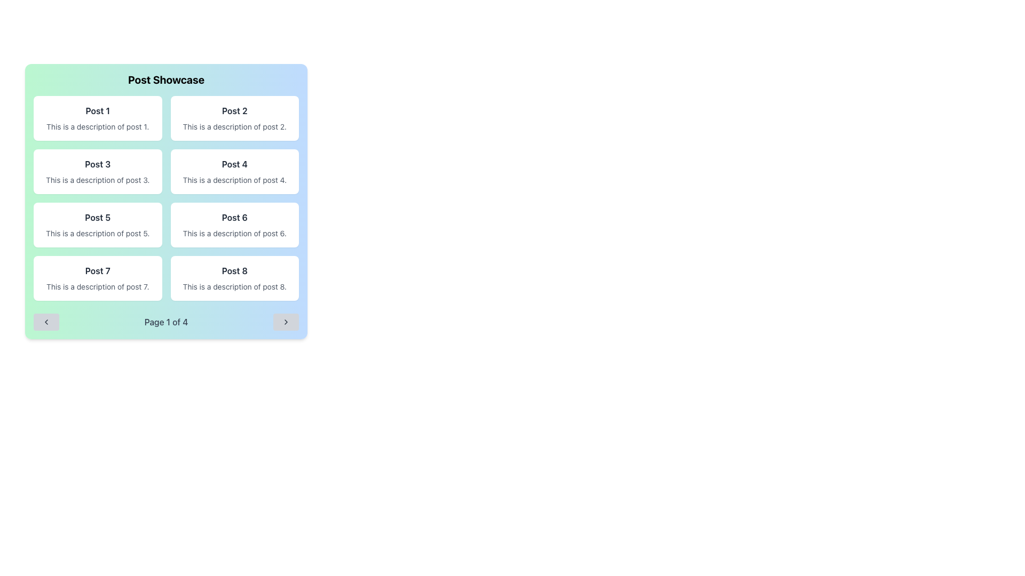 Image resolution: width=1025 pixels, height=576 pixels. What do you see at coordinates (234, 164) in the screenshot?
I see `the text label displaying 'Post 4', which is styled in bold and dark gray, located in the center of the layout within the fourth tile of posts` at bounding box center [234, 164].